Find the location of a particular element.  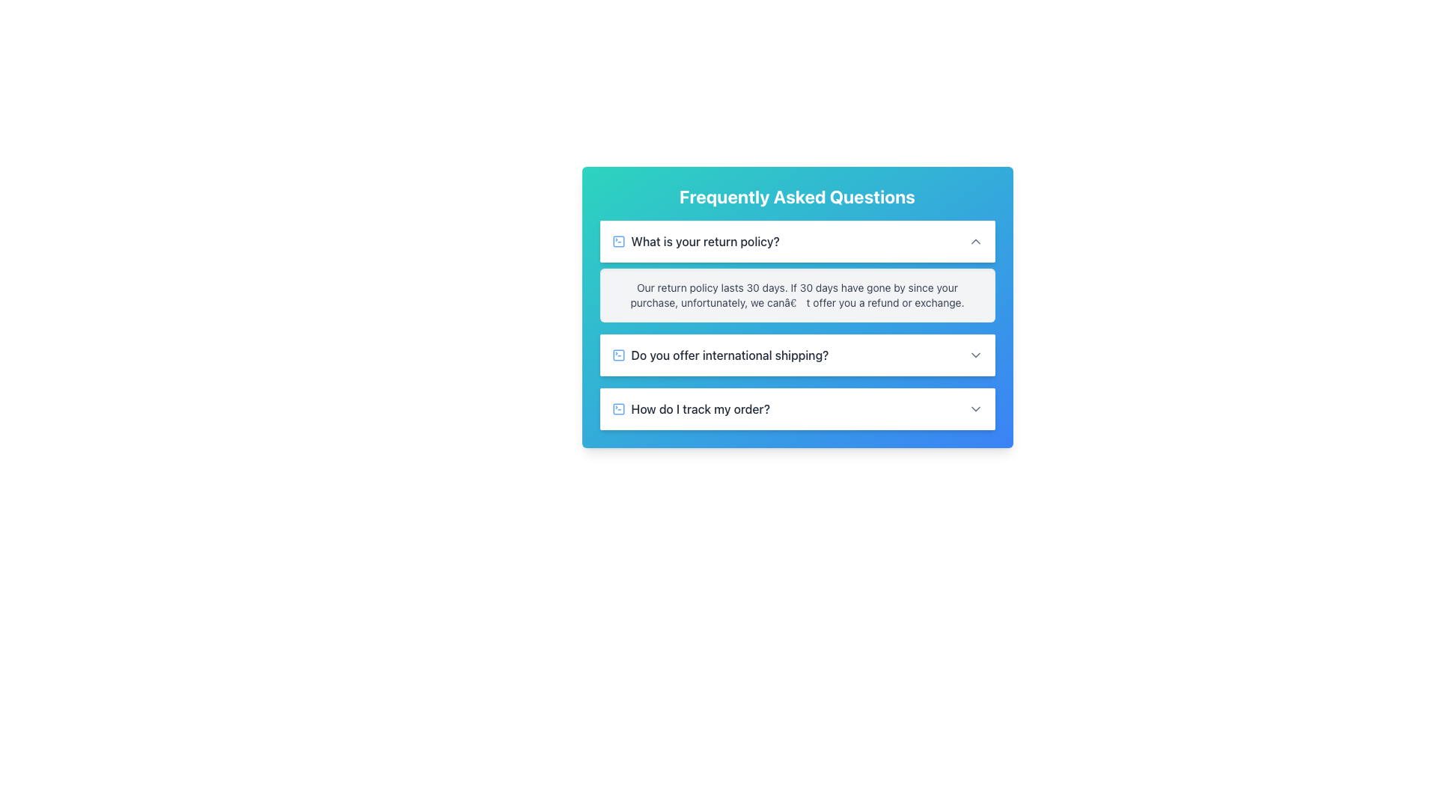

the Static Text Block that outlines the return period and conditions for refunds or exchanges, located under the FAQ question 'What is your return policy?' is located at coordinates (796, 295).